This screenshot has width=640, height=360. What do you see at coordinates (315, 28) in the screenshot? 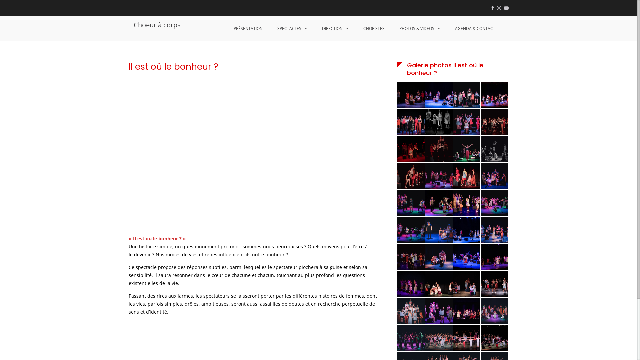
I see `'DIRECTION'` at bounding box center [315, 28].